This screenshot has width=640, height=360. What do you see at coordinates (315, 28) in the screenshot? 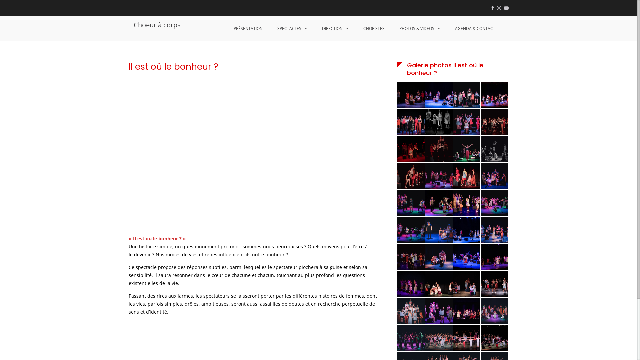
I see `'DIRECTION'` at bounding box center [315, 28].